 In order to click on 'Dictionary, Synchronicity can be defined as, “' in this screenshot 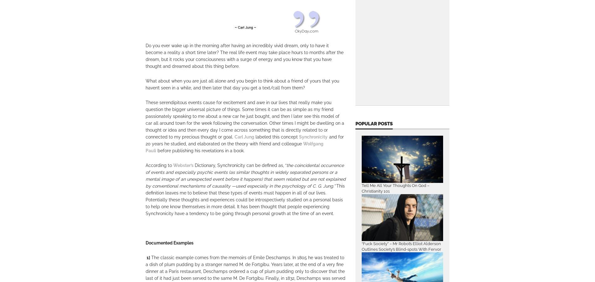, I will do `click(240, 165)`.